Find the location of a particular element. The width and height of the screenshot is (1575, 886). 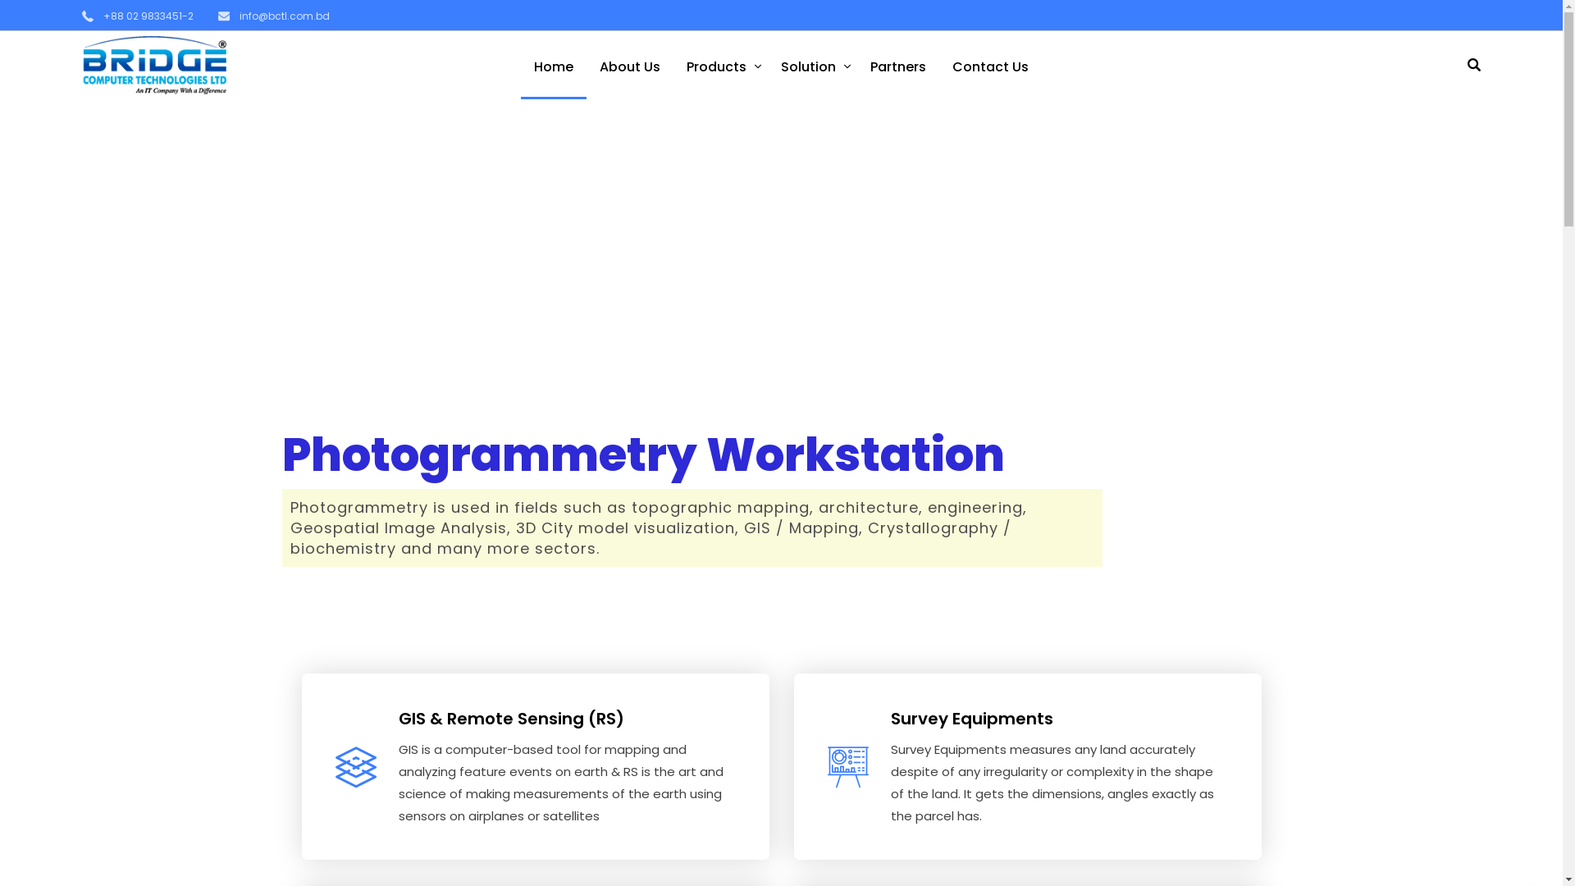

'info@bctl.com.bd' is located at coordinates (274, 16).